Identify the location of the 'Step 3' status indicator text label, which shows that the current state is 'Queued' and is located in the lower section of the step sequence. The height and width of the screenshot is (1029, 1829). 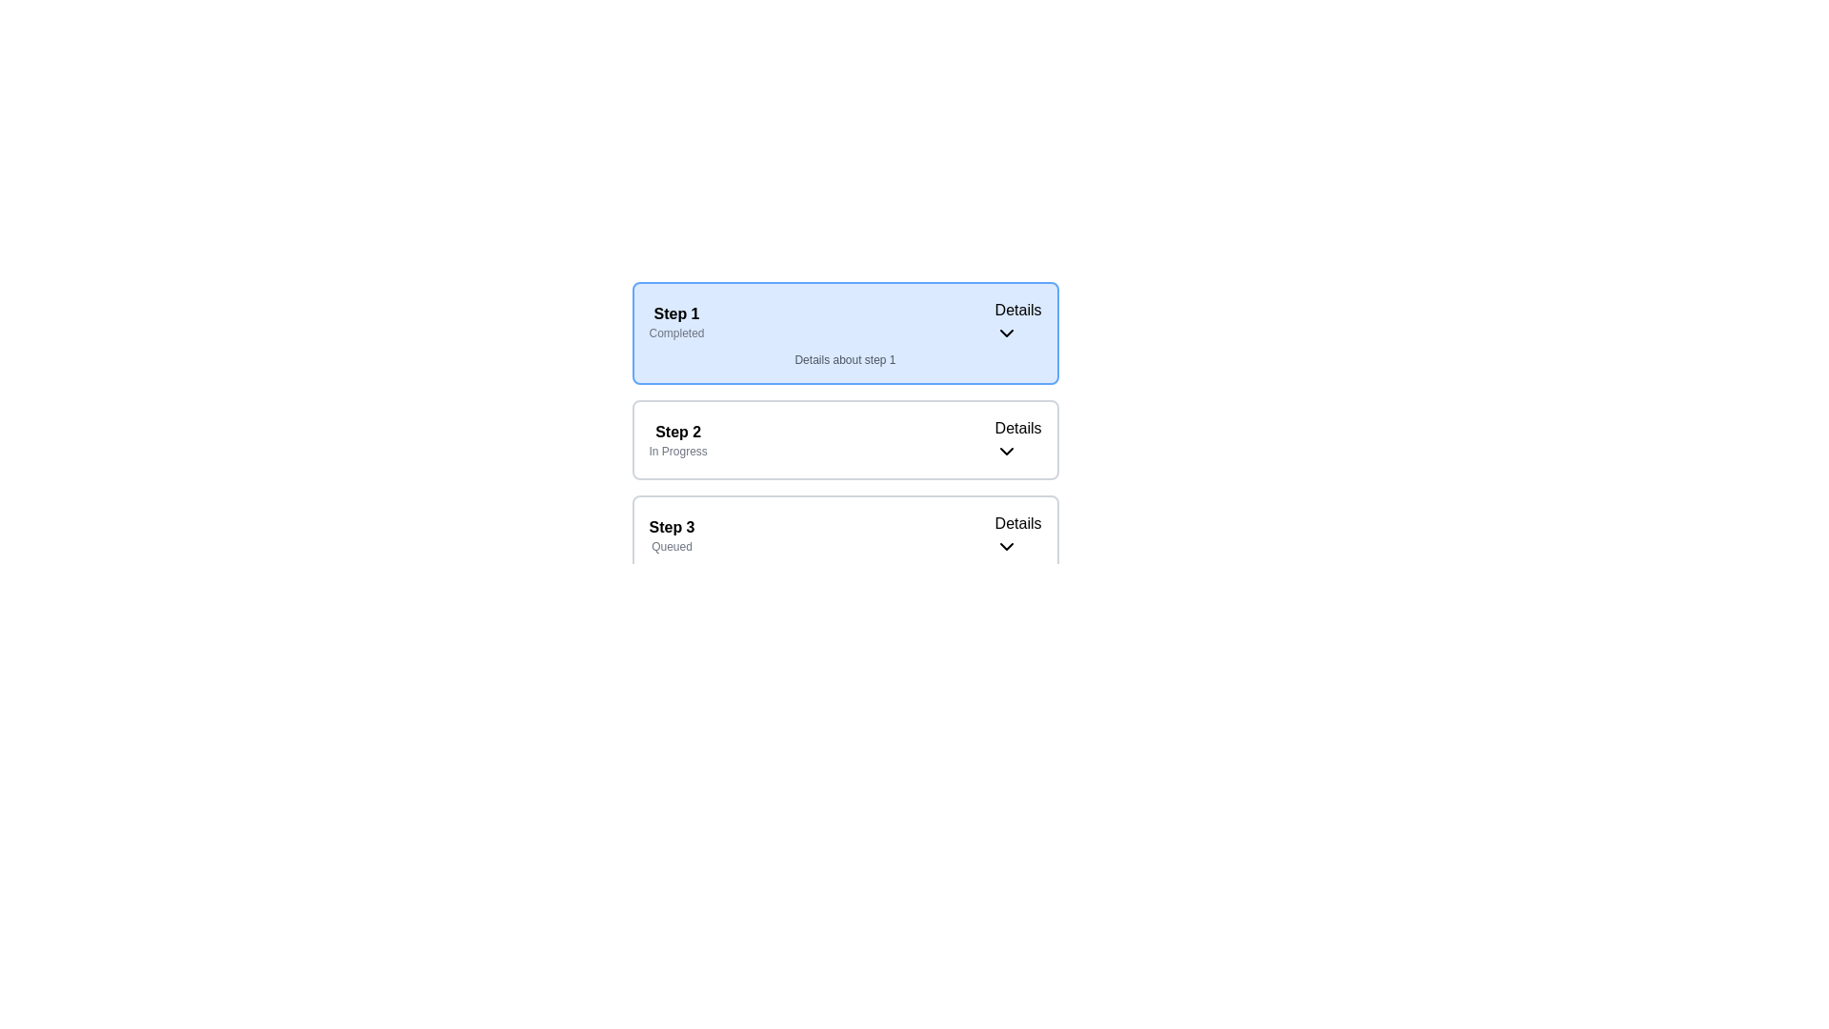
(672, 535).